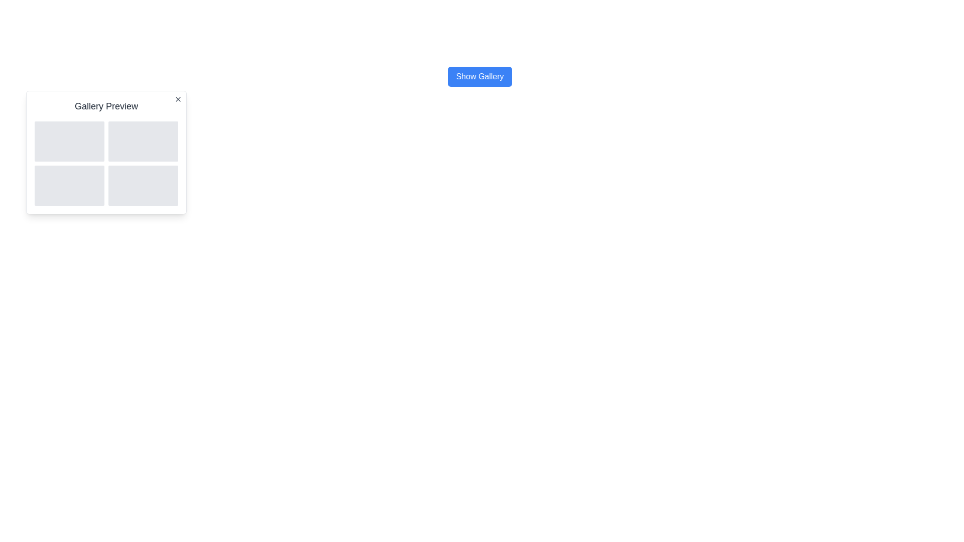 The width and height of the screenshot is (964, 542). What do you see at coordinates (479, 76) in the screenshot?
I see `the blue button labeled 'Show Gallery'` at bounding box center [479, 76].